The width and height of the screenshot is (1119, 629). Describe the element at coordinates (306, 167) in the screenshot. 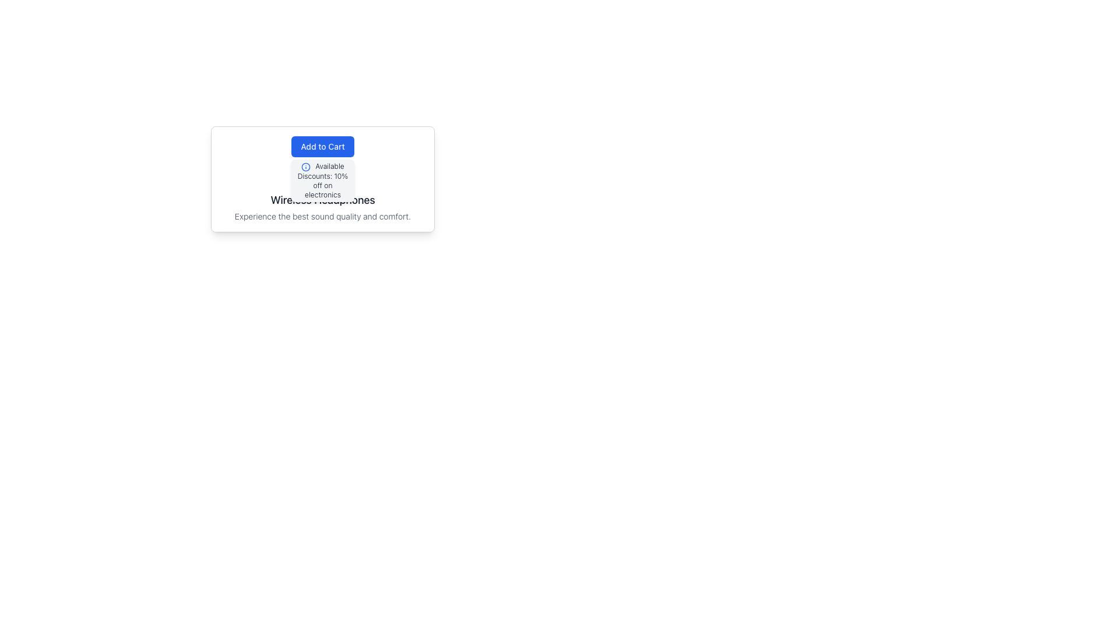

I see `the SVG Circle Element which visually represents an icon indicating information or an alert related to the tooltip functionality, located within the discount information tooltip box below the 'Add to Cart' button` at that location.